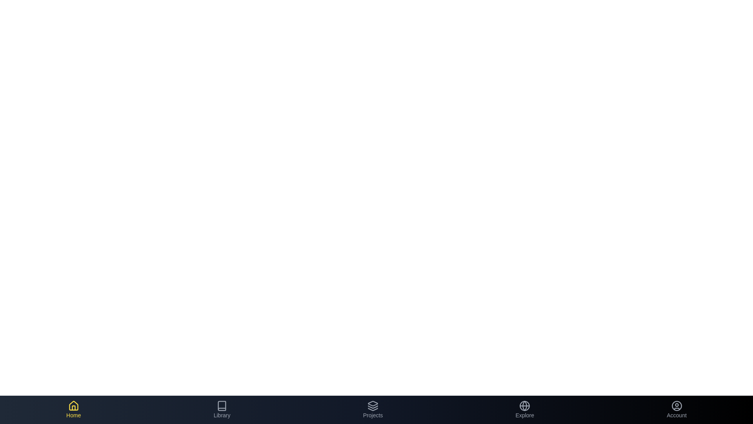  I want to click on the Home tab to see the hover effect, so click(73, 409).